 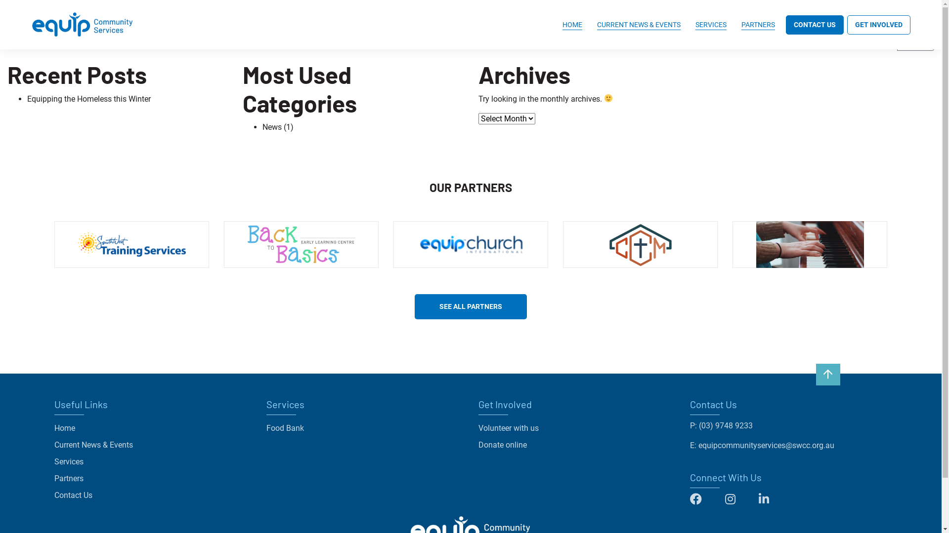 I want to click on 'Search', so click(x=915, y=41).